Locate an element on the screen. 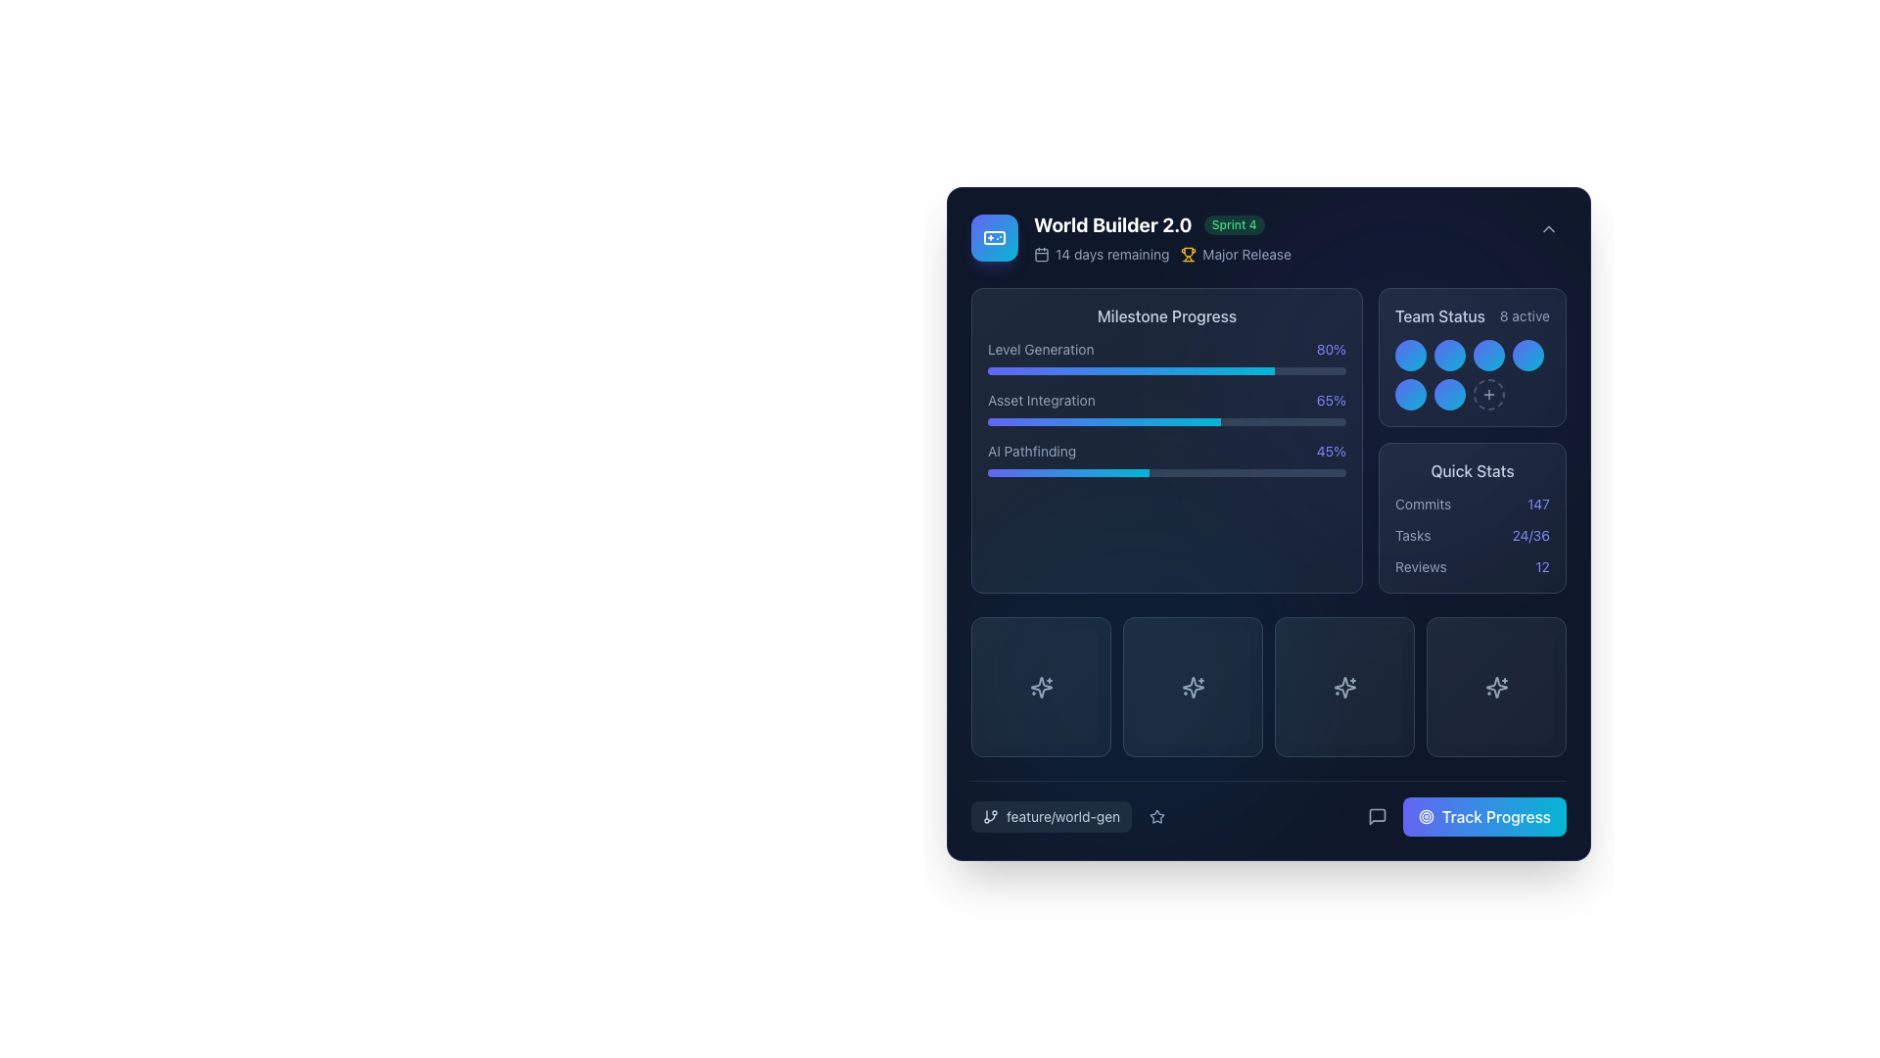 The image size is (1880, 1058). the interactive button located in the bottom-right section of the grid layout is located at coordinates (1192, 686).